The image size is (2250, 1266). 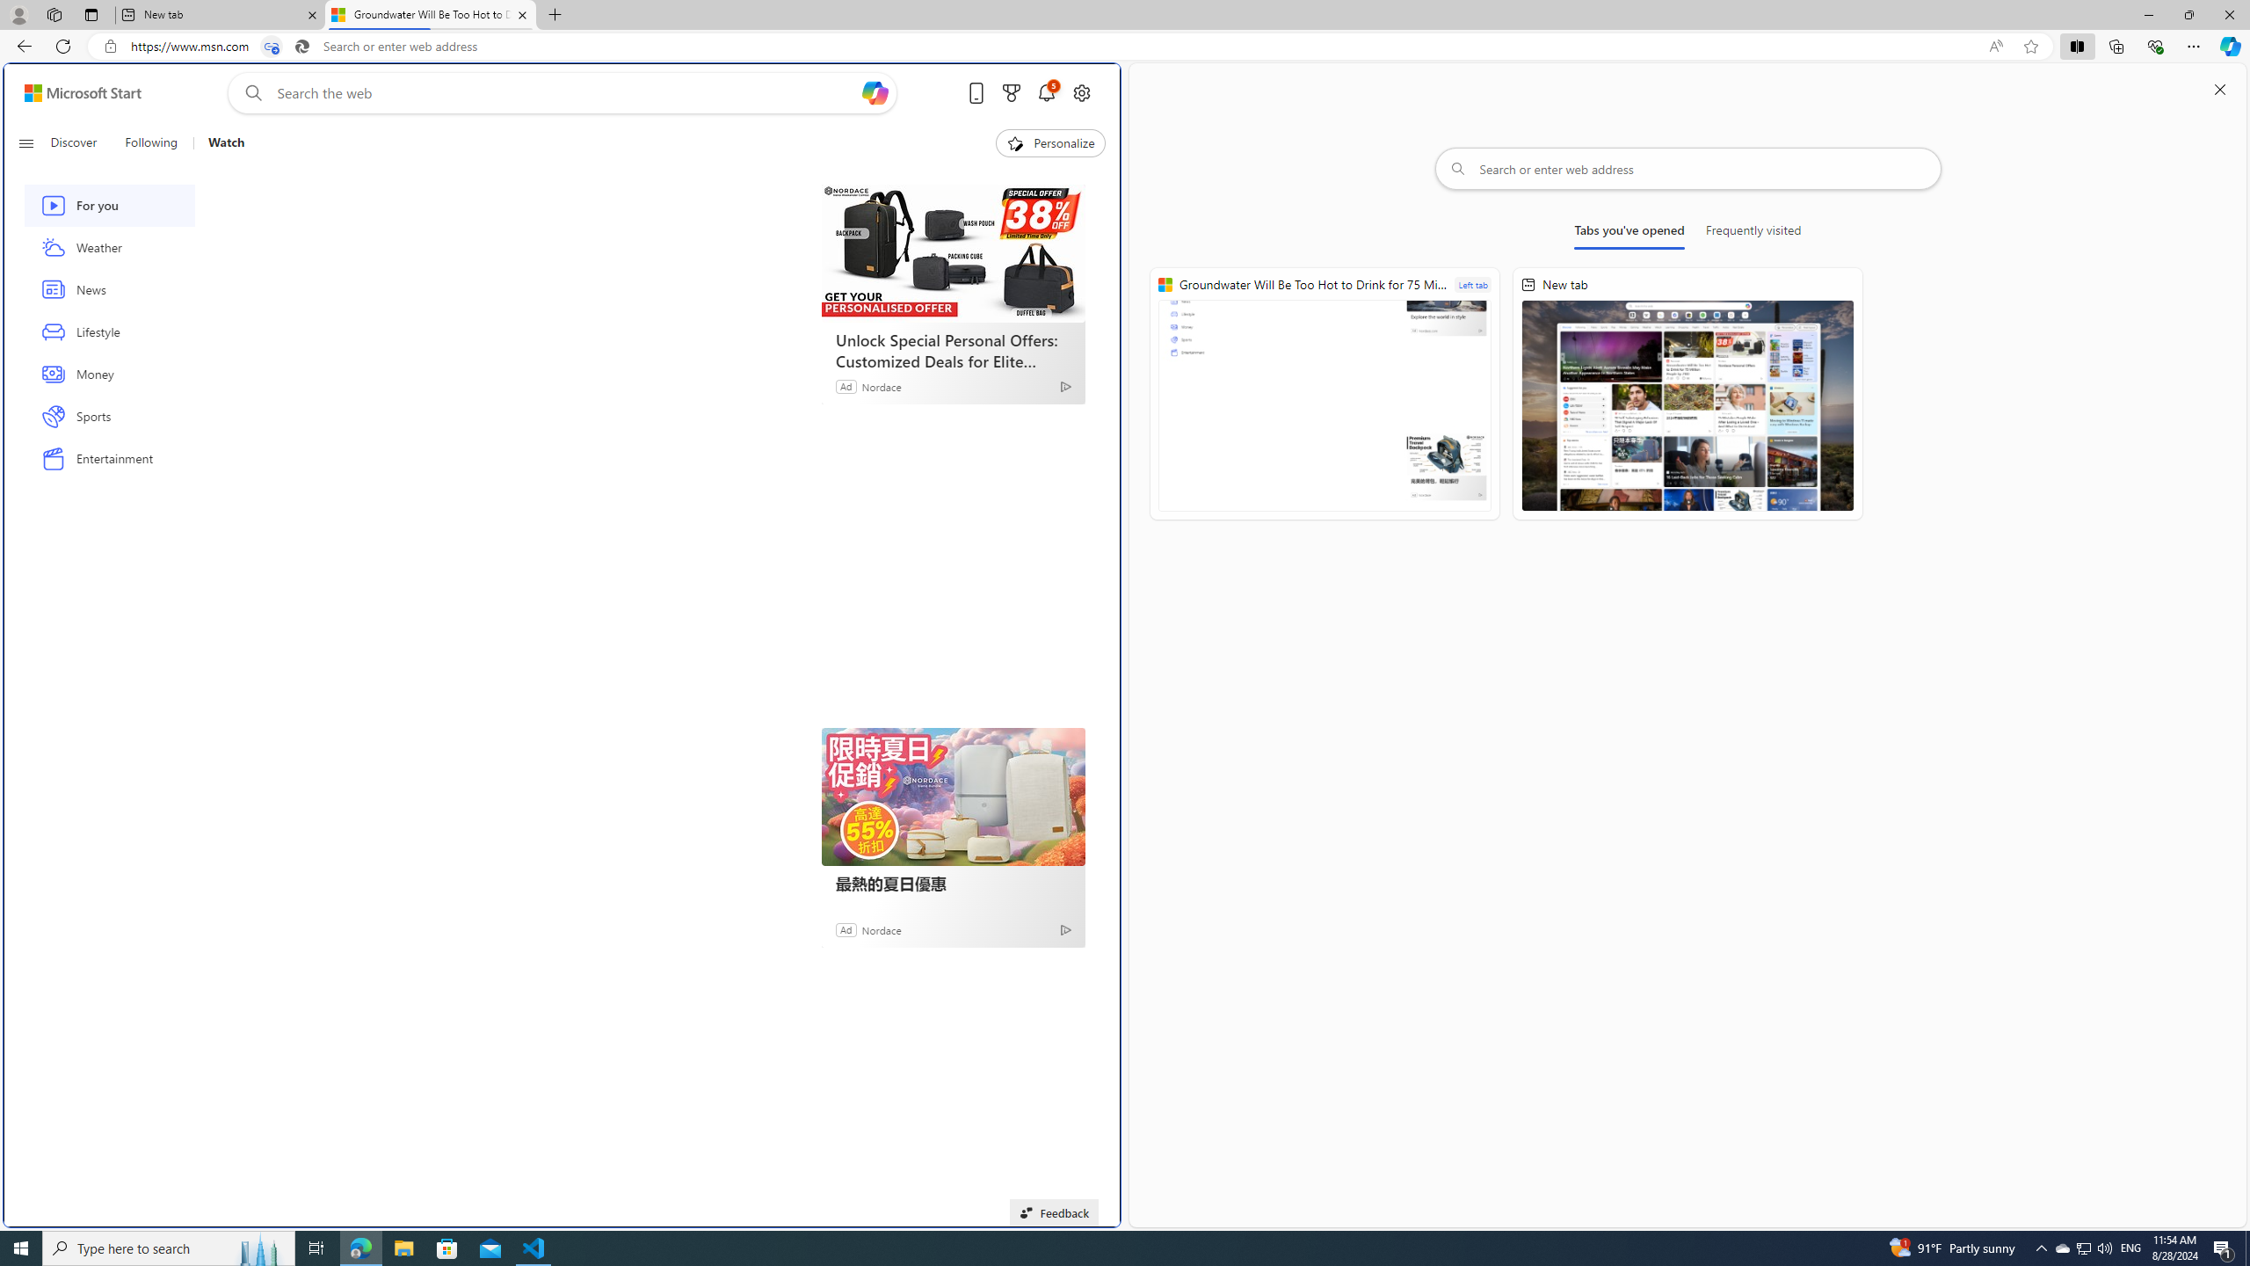 I want to click on 'Microsoft rewards', so click(x=1010, y=93).